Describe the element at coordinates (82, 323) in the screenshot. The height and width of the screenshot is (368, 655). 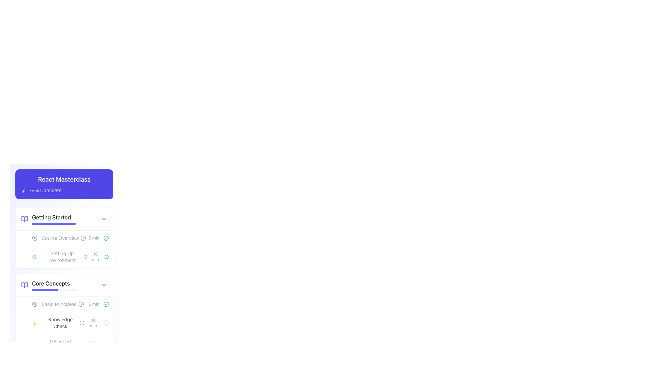
I see `the circular graphical icon within the 'Knowledge Check' interface located in the 'Core Concepts' section, which is positioned to the right of its label and above the associated duration text` at that location.